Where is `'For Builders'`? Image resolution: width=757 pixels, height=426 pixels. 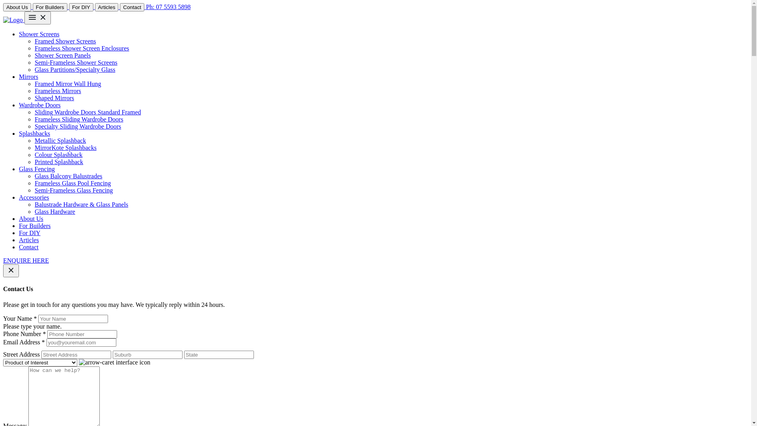
'For Builders' is located at coordinates (49, 7).